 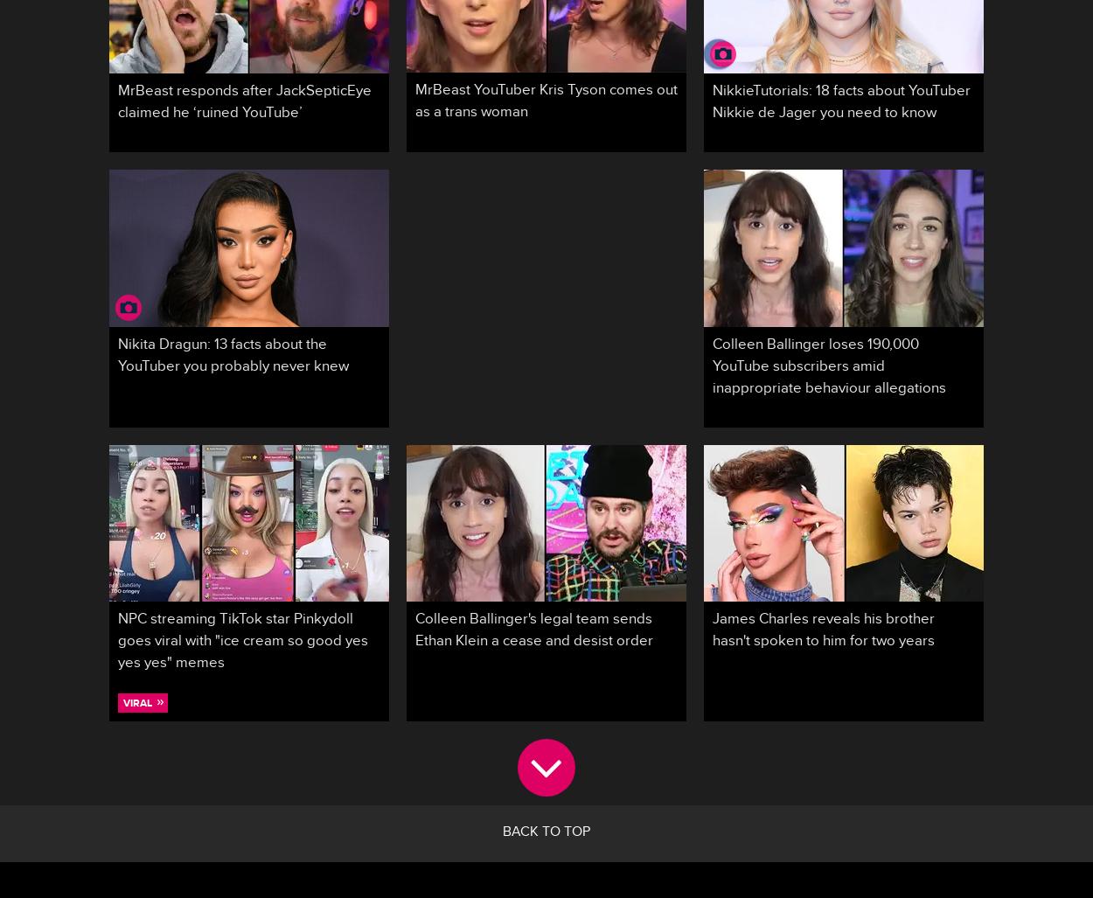 What do you see at coordinates (828, 367) in the screenshot?
I see `'Colleen Ballinger loses 190,000 YouTube subscribers amid inappropriate behaviour allegations'` at bounding box center [828, 367].